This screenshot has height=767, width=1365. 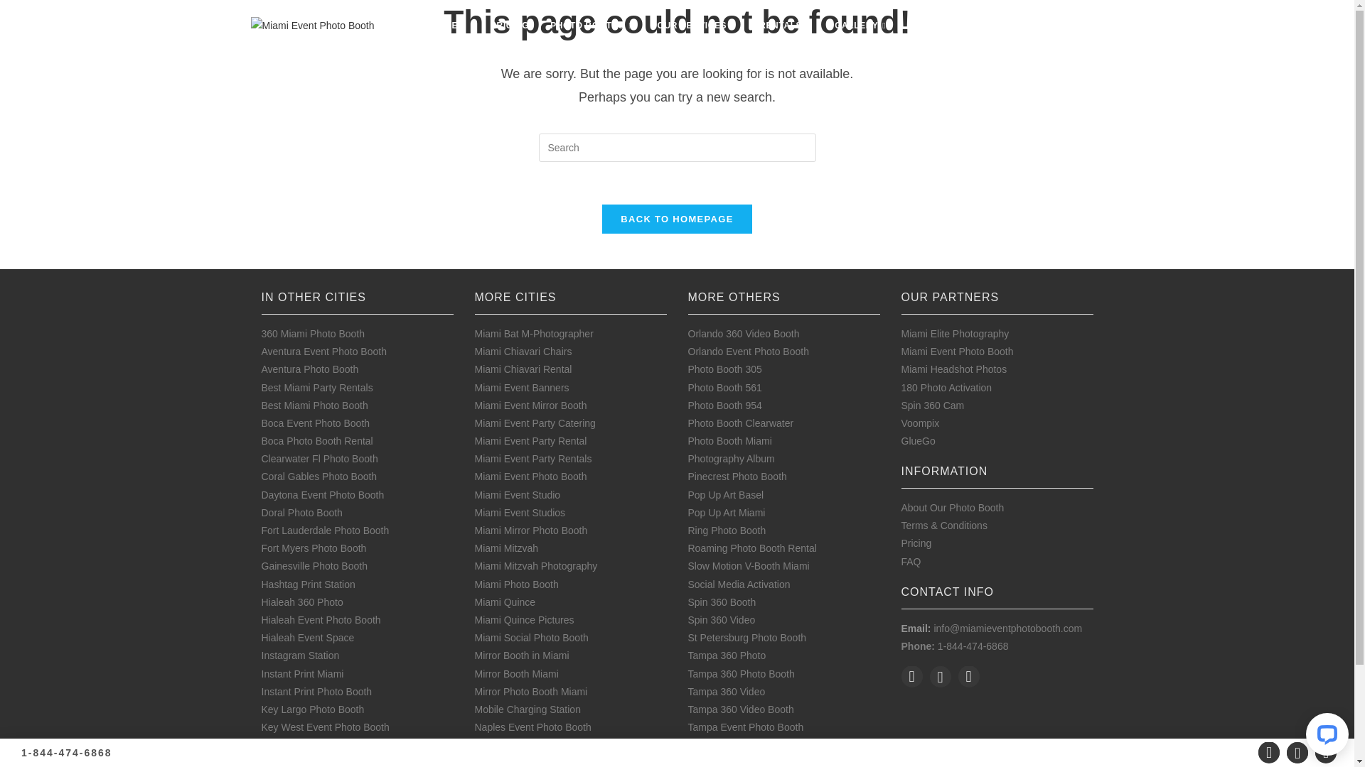 What do you see at coordinates (535, 423) in the screenshot?
I see `'Miami Event Party Catering'` at bounding box center [535, 423].